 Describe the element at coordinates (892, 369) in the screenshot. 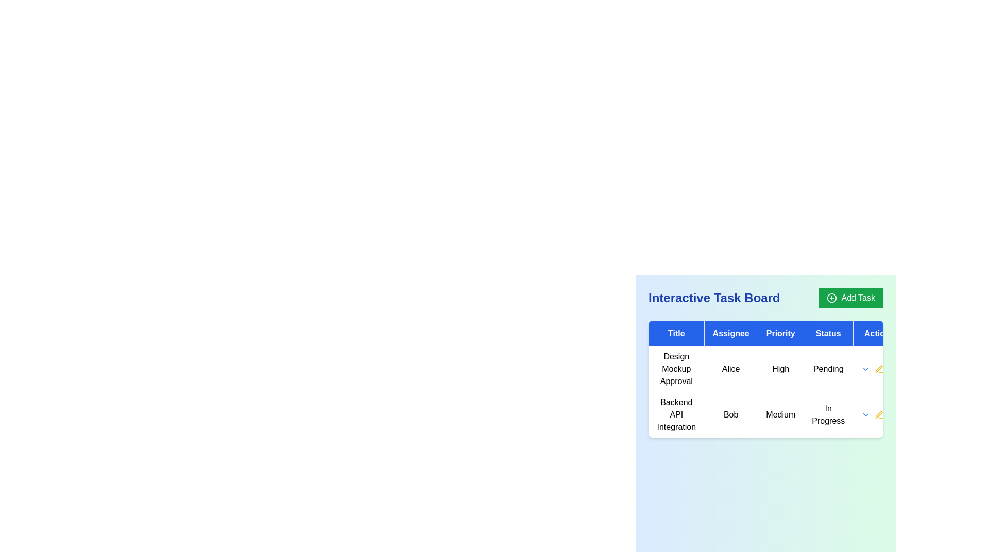

I see `the SVG sub-element which is a rectangle with rounded corners located in the 'Action' column in the first row of the table` at that location.